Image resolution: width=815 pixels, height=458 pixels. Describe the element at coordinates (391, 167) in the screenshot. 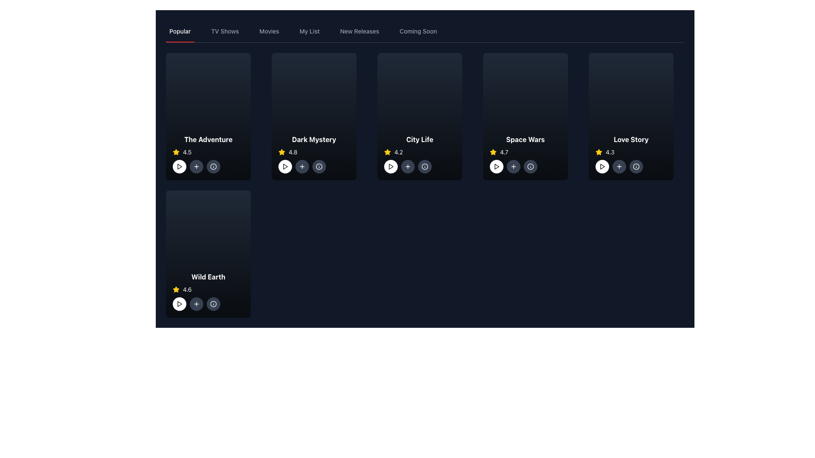

I see `the circular button with a white background and a black triangular play icon located under the 'City Life' card, which is the first button in a horizontal arrangement of buttons` at that location.